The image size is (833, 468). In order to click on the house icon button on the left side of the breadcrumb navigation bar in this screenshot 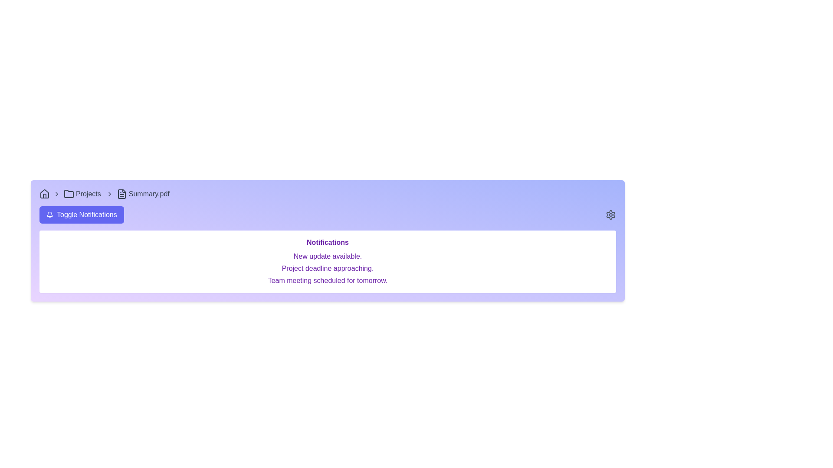, I will do `click(44, 193)`.